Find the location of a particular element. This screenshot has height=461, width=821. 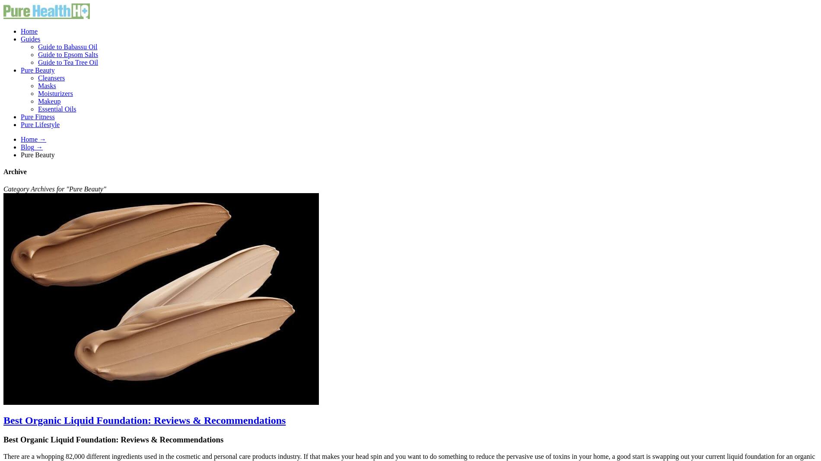

'Guides' is located at coordinates (30, 38).